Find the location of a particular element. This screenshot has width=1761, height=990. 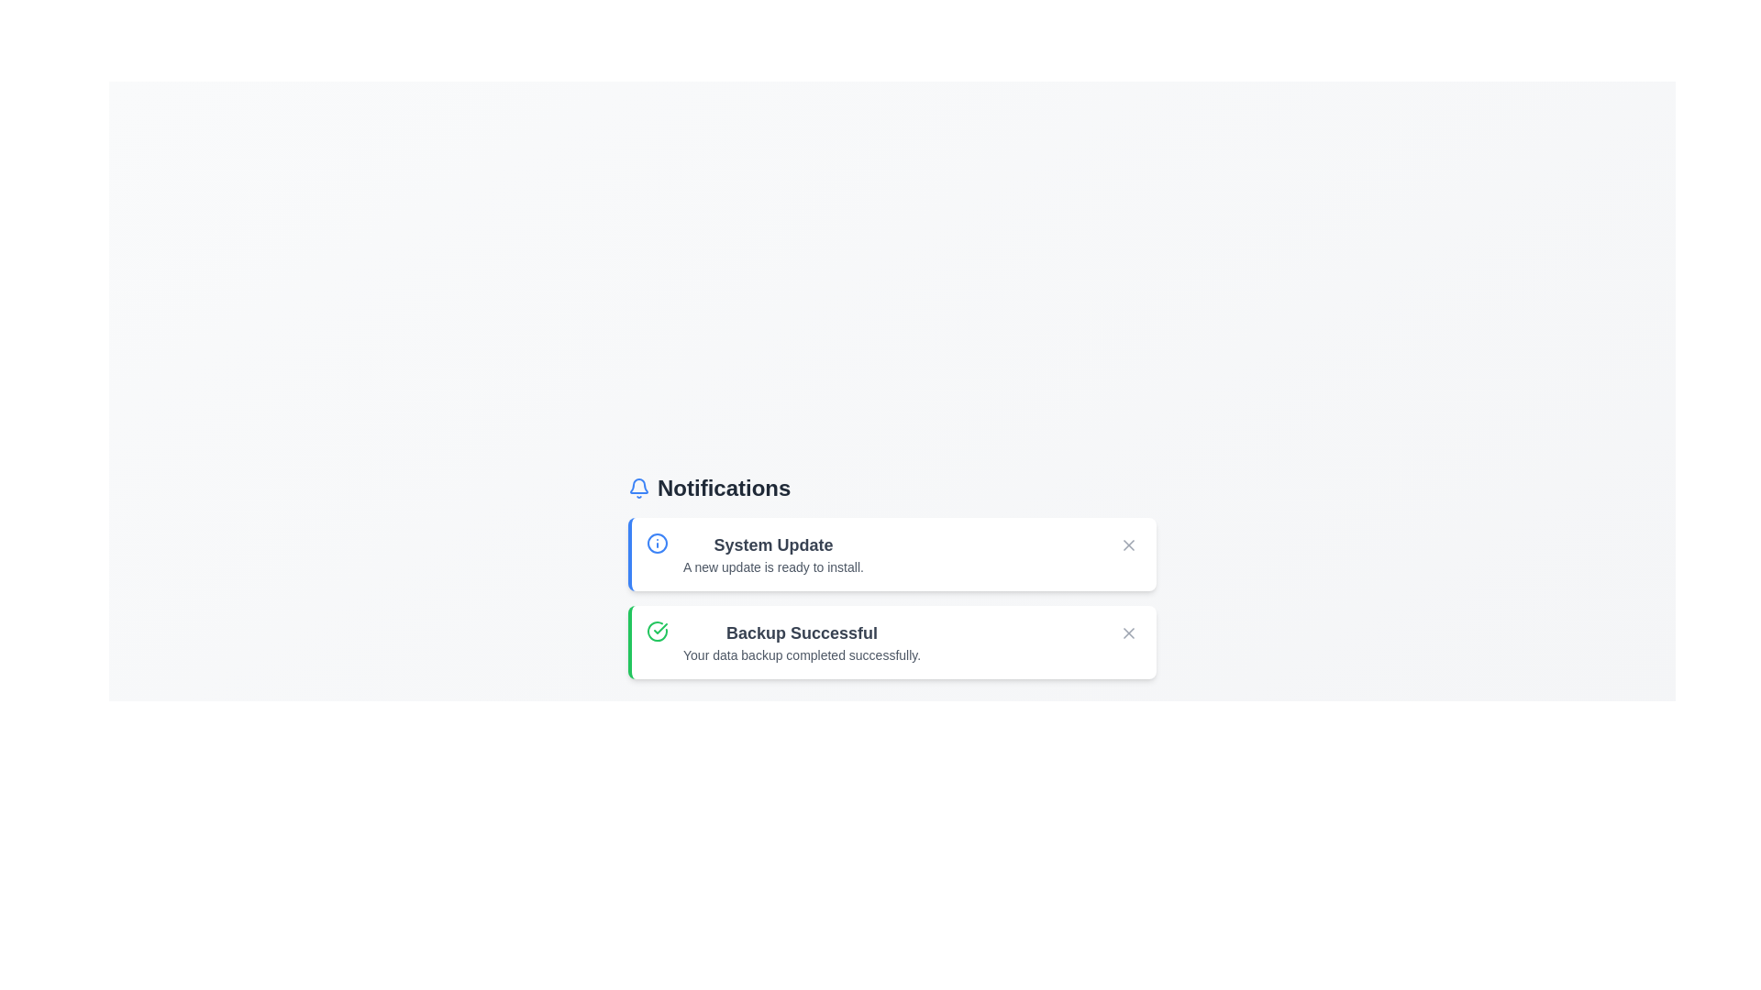

the notification icon located to the left of the 'Notifications' text, which visually represents the section's purpose is located at coordinates (638, 487).